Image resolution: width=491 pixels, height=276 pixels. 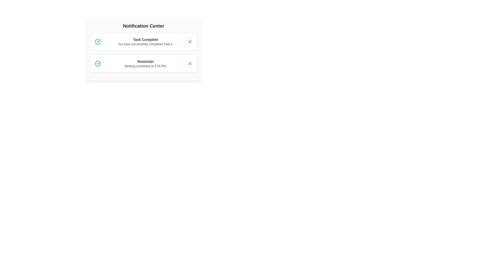 I want to click on the checkmark icon within the notification panel that indicates task completion, located to the left of the text 'Task Complete', so click(x=98, y=63).